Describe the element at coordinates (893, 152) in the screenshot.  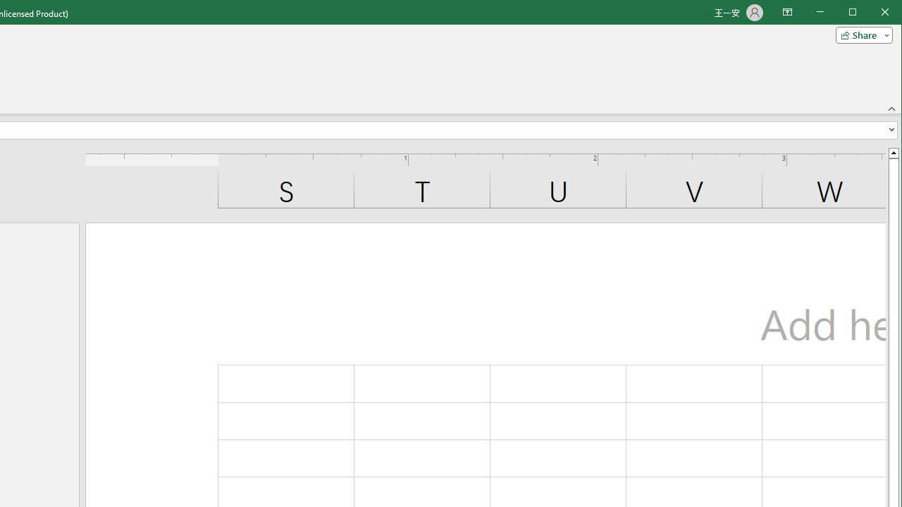
I see `'Line up'` at that location.